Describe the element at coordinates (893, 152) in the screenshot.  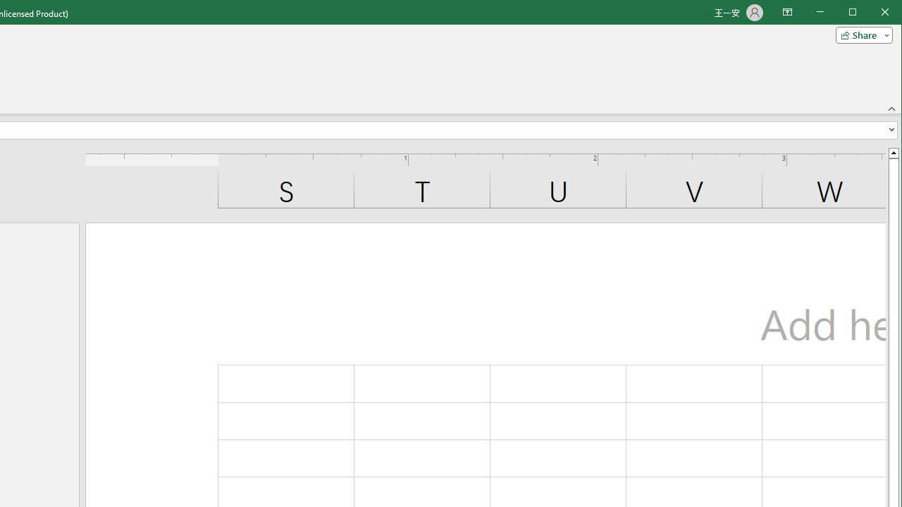
I see `'Line up'` at that location.